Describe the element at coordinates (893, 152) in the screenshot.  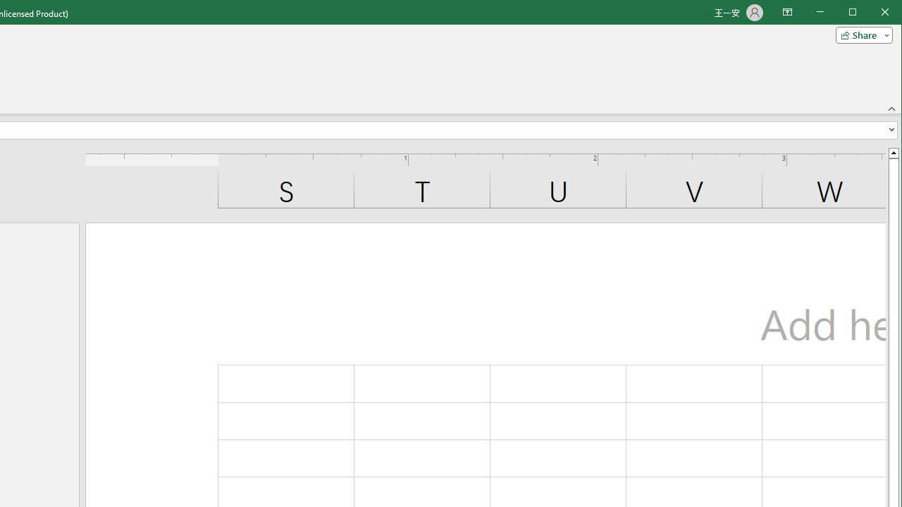
I see `'Line up'` at that location.